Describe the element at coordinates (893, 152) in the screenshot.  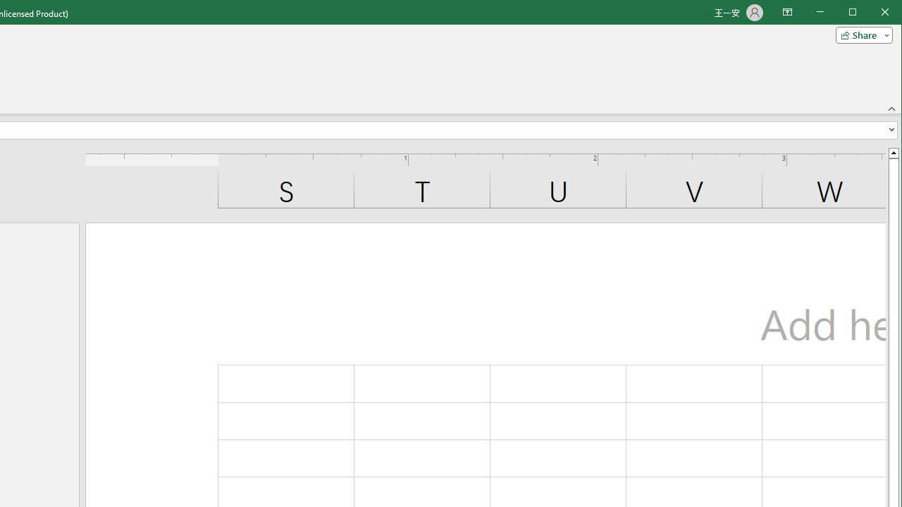
I see `'Line up'` at that location.